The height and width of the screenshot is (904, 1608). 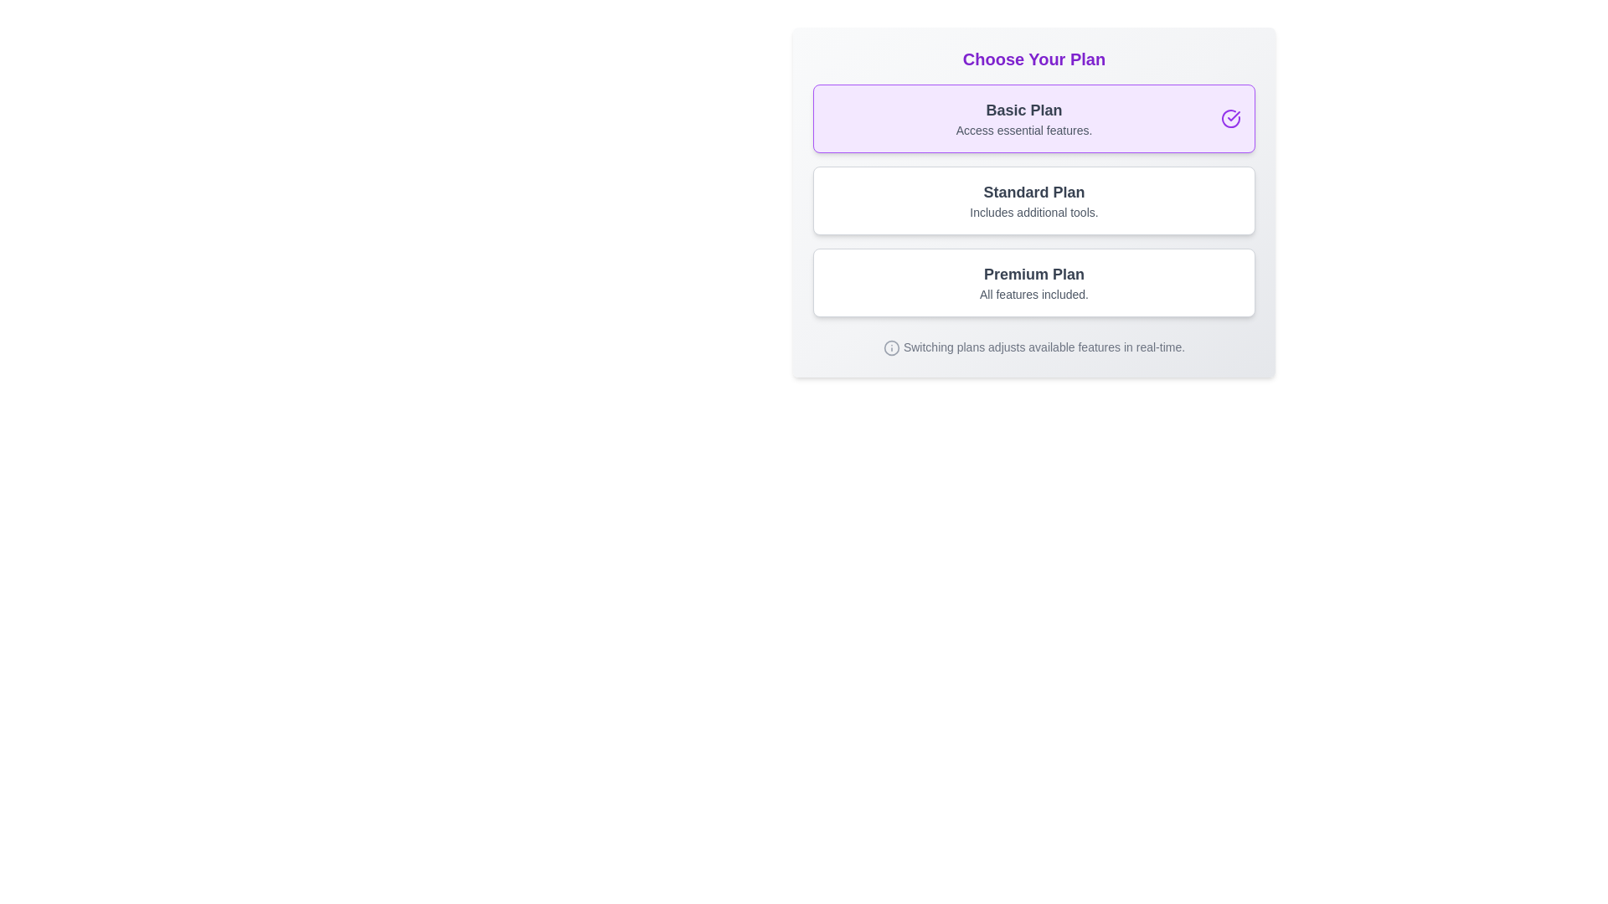 I want to click on the purple checkmark icon located on the right side of the 'Basic Plan' card in the interface, so click(x=1234, y=115).